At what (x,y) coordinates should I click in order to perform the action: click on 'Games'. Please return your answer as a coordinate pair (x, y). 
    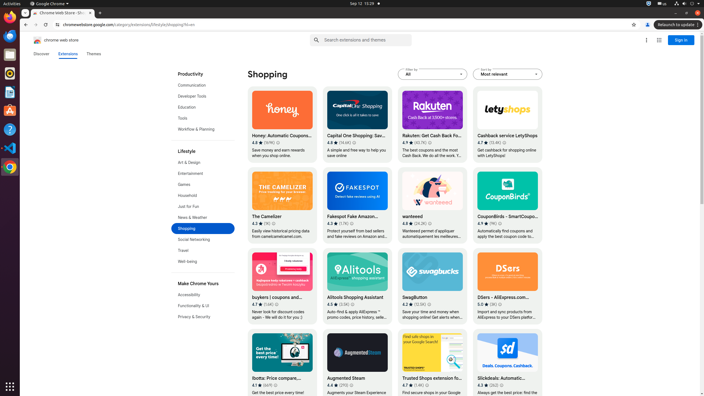
    Looking at the image, I should click on (203, 184).